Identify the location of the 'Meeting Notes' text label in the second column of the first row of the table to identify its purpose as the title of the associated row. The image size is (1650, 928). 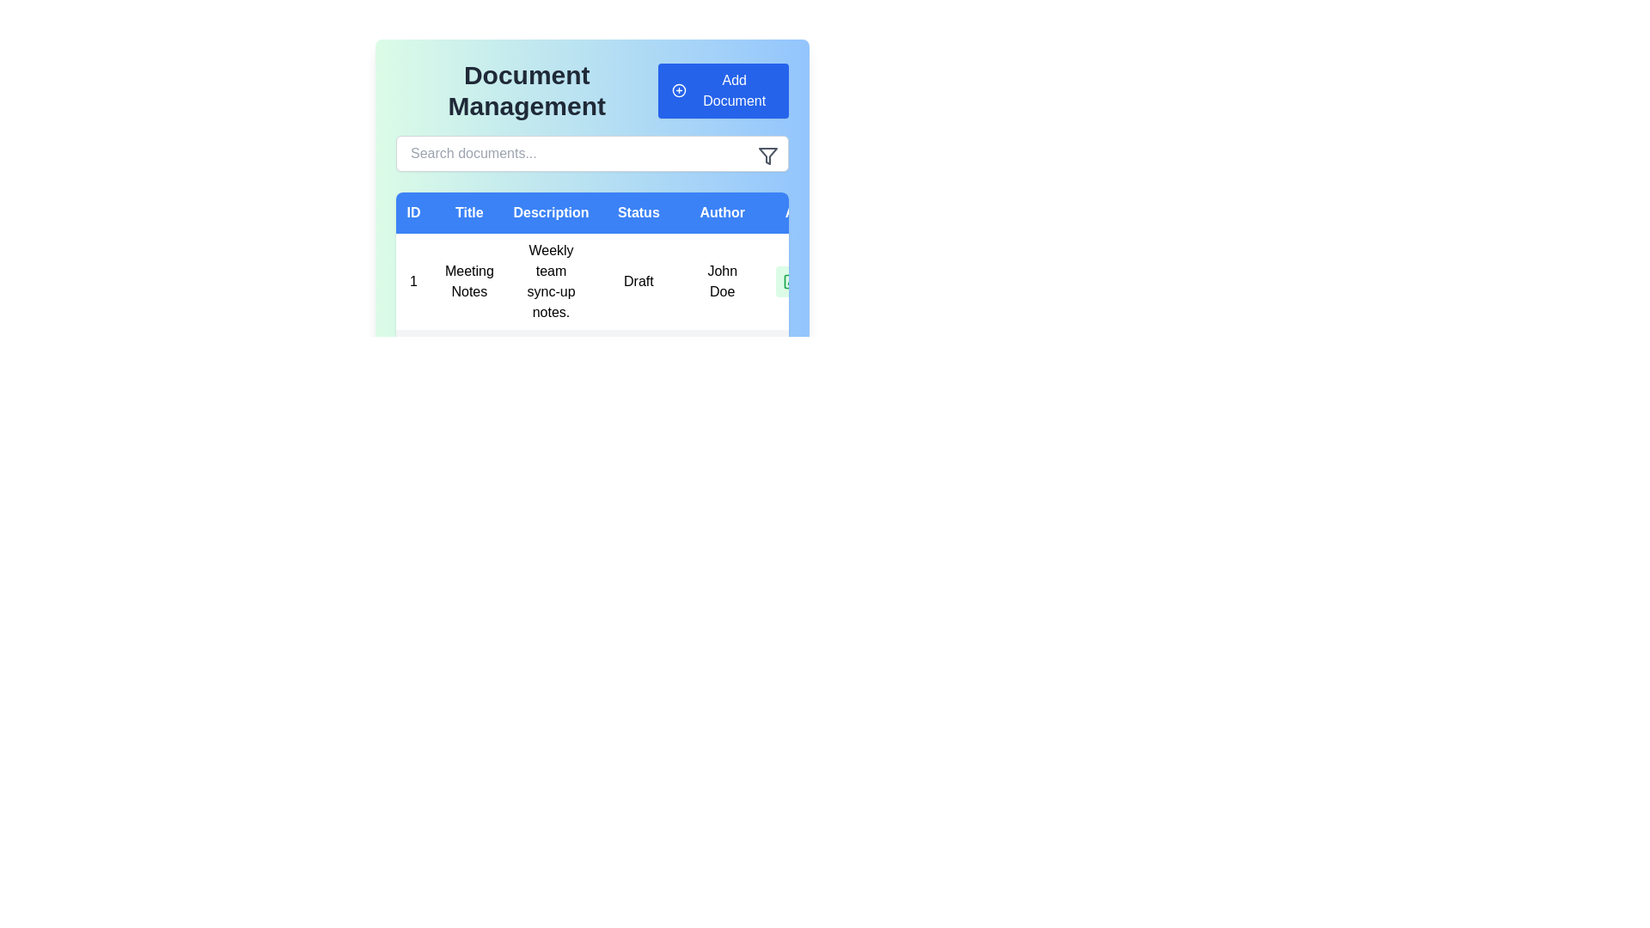
(469, 280).